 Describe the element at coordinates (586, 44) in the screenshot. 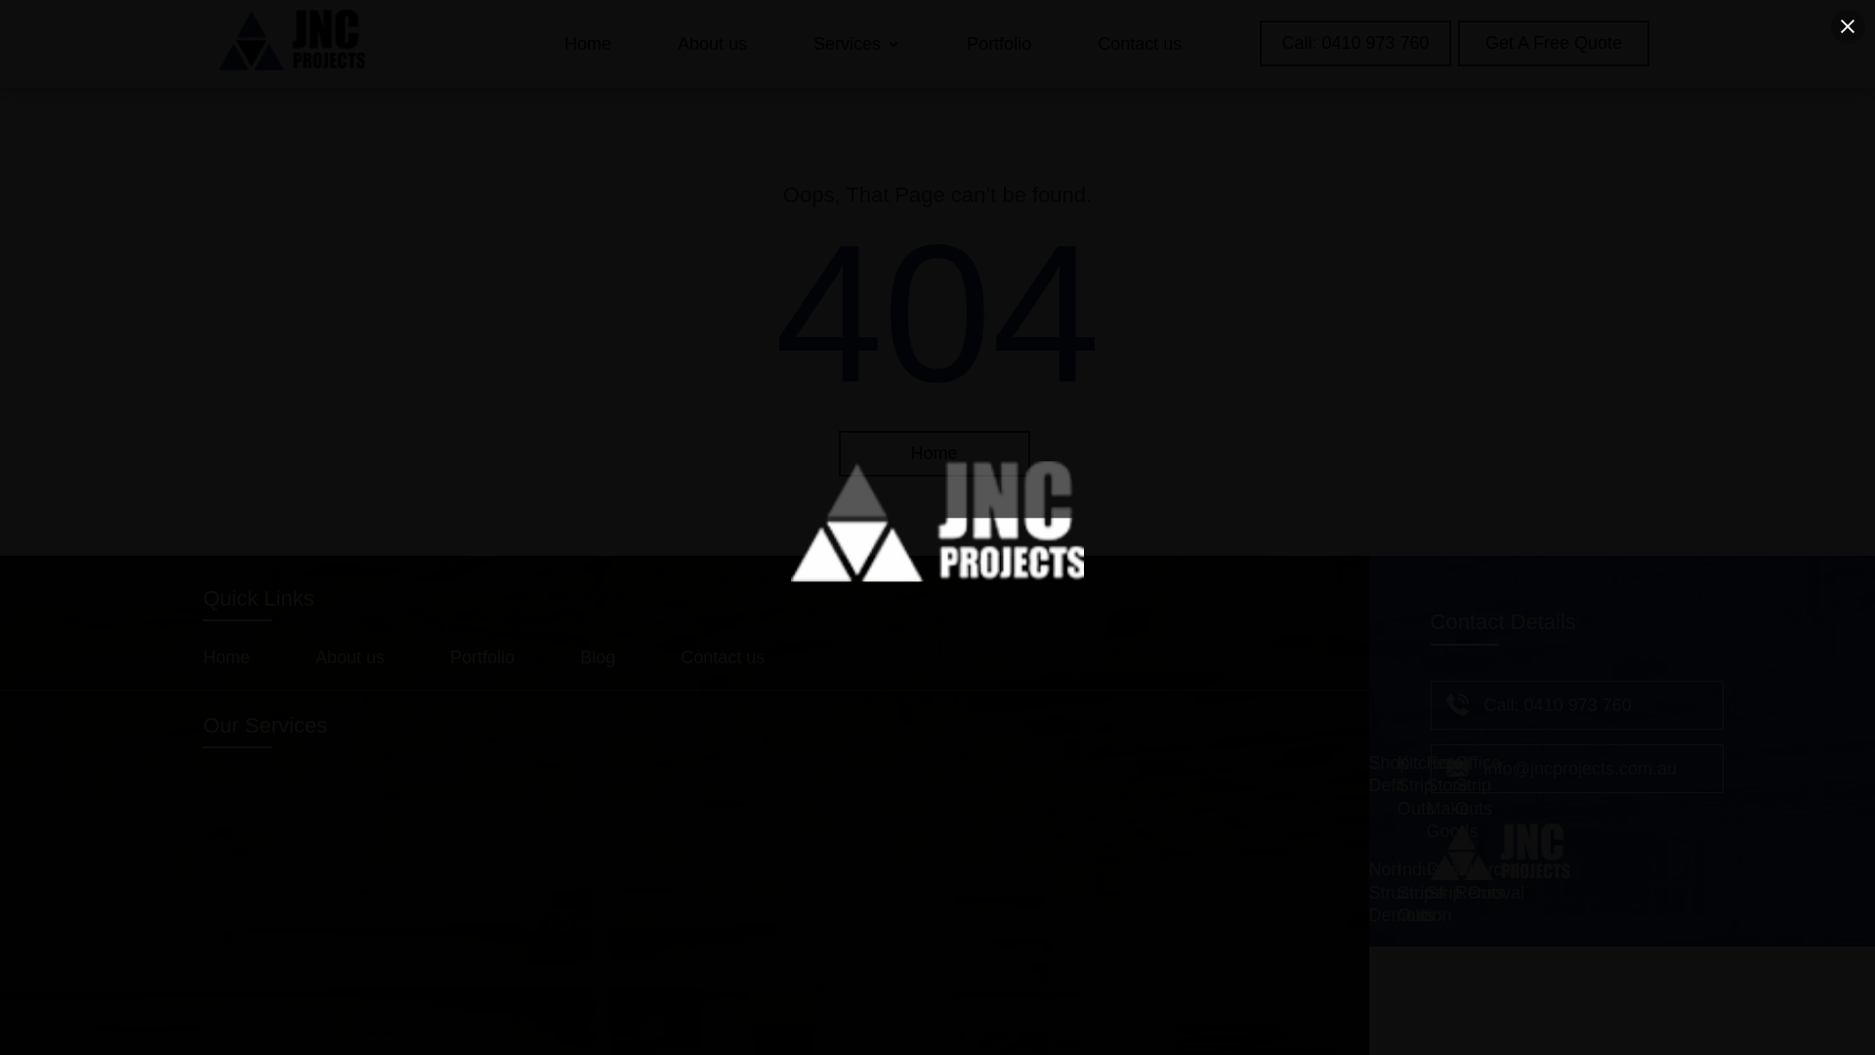

I see `'Home'` at that location.